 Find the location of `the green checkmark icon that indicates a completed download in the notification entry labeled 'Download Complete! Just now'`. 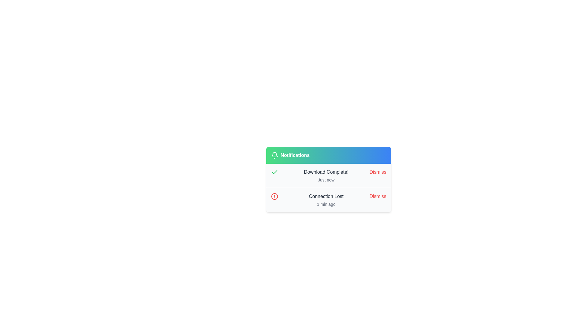

the green checkmark icon that indicates a completed download in the notification entry labeled 'Download Complete! Just now' is located at coordinates (274, 172).